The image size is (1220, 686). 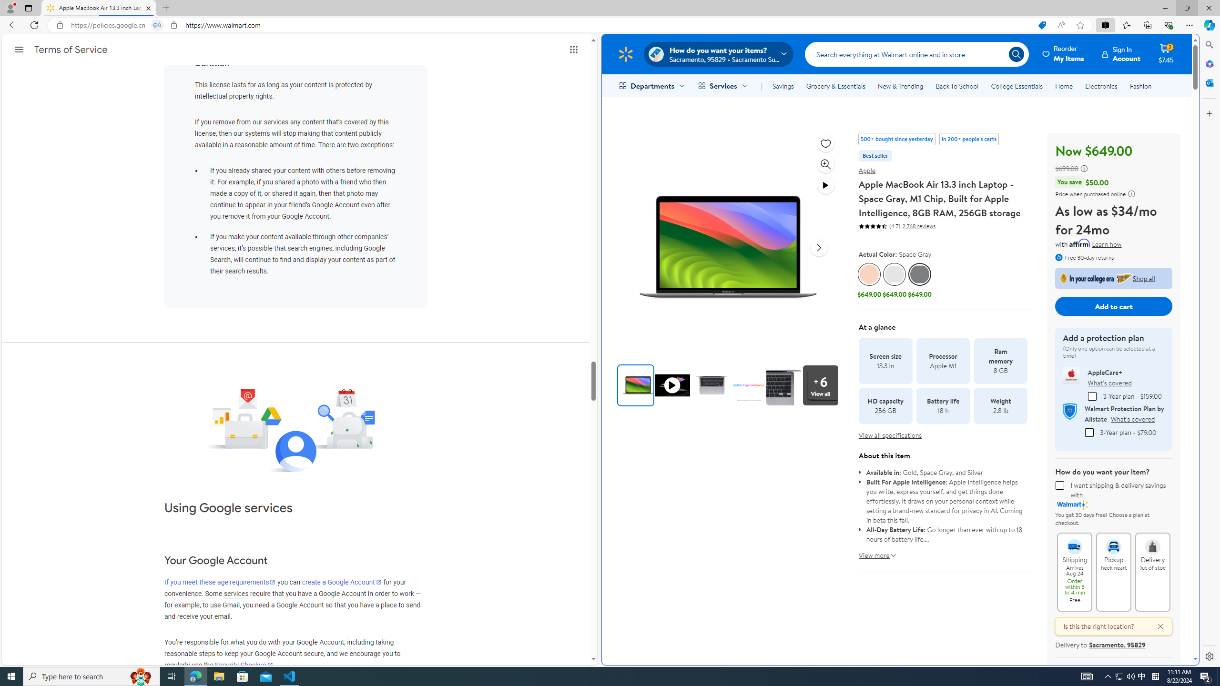 What do you see at coordinates (1121, 53) in the screenshot?
I see `'Sign In Account'` at bounding box center [1121, 53].